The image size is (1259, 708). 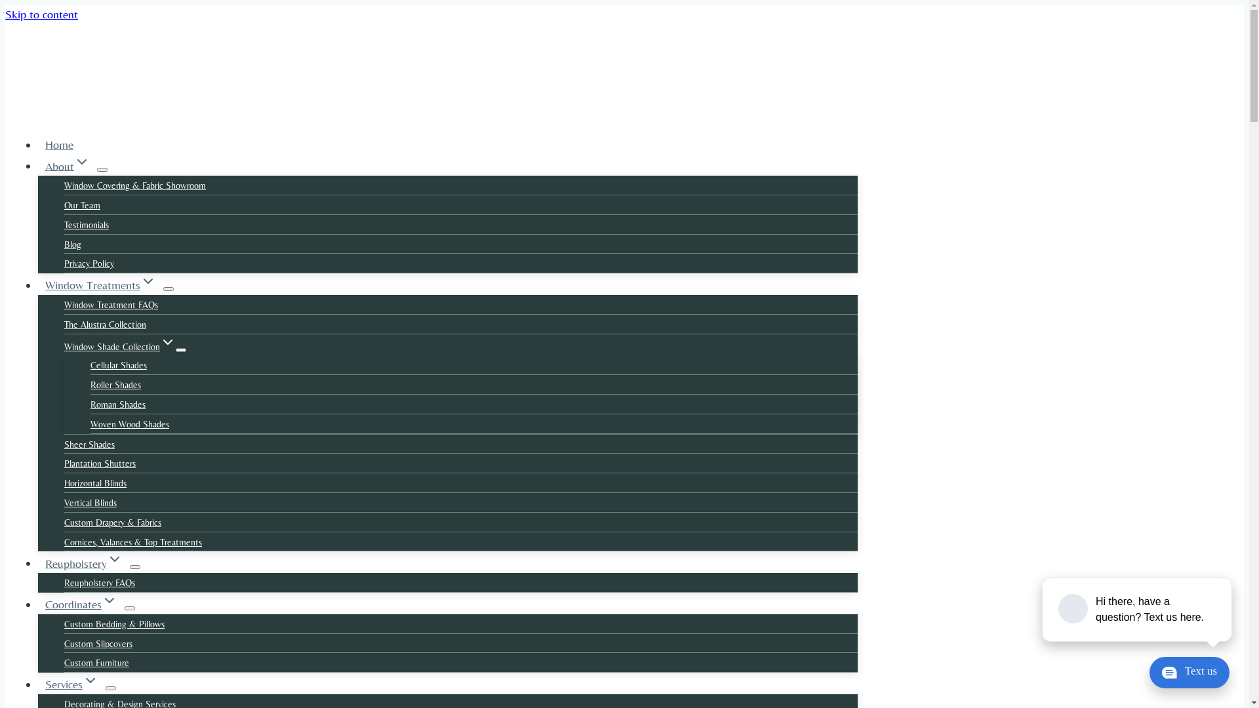 I want to click on 'ReupholsteryExpand', so click(x=83, y=562).